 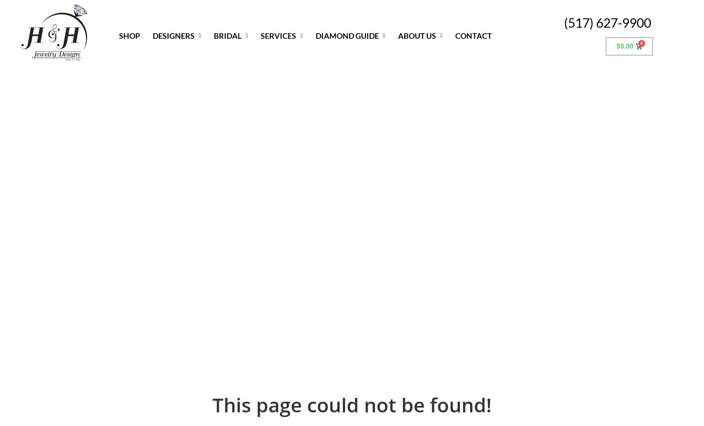 I want to click on 'Lashbrook Designs', so click(x=189, y=186).